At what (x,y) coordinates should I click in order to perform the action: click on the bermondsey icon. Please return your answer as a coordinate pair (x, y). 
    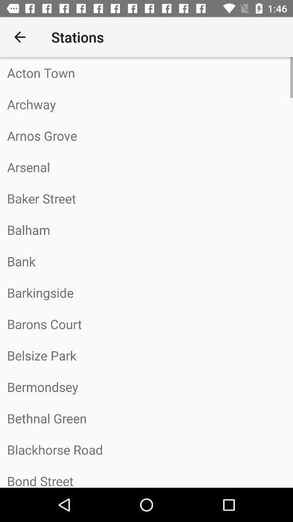
    Looking at the image, I should click on (146, 387).